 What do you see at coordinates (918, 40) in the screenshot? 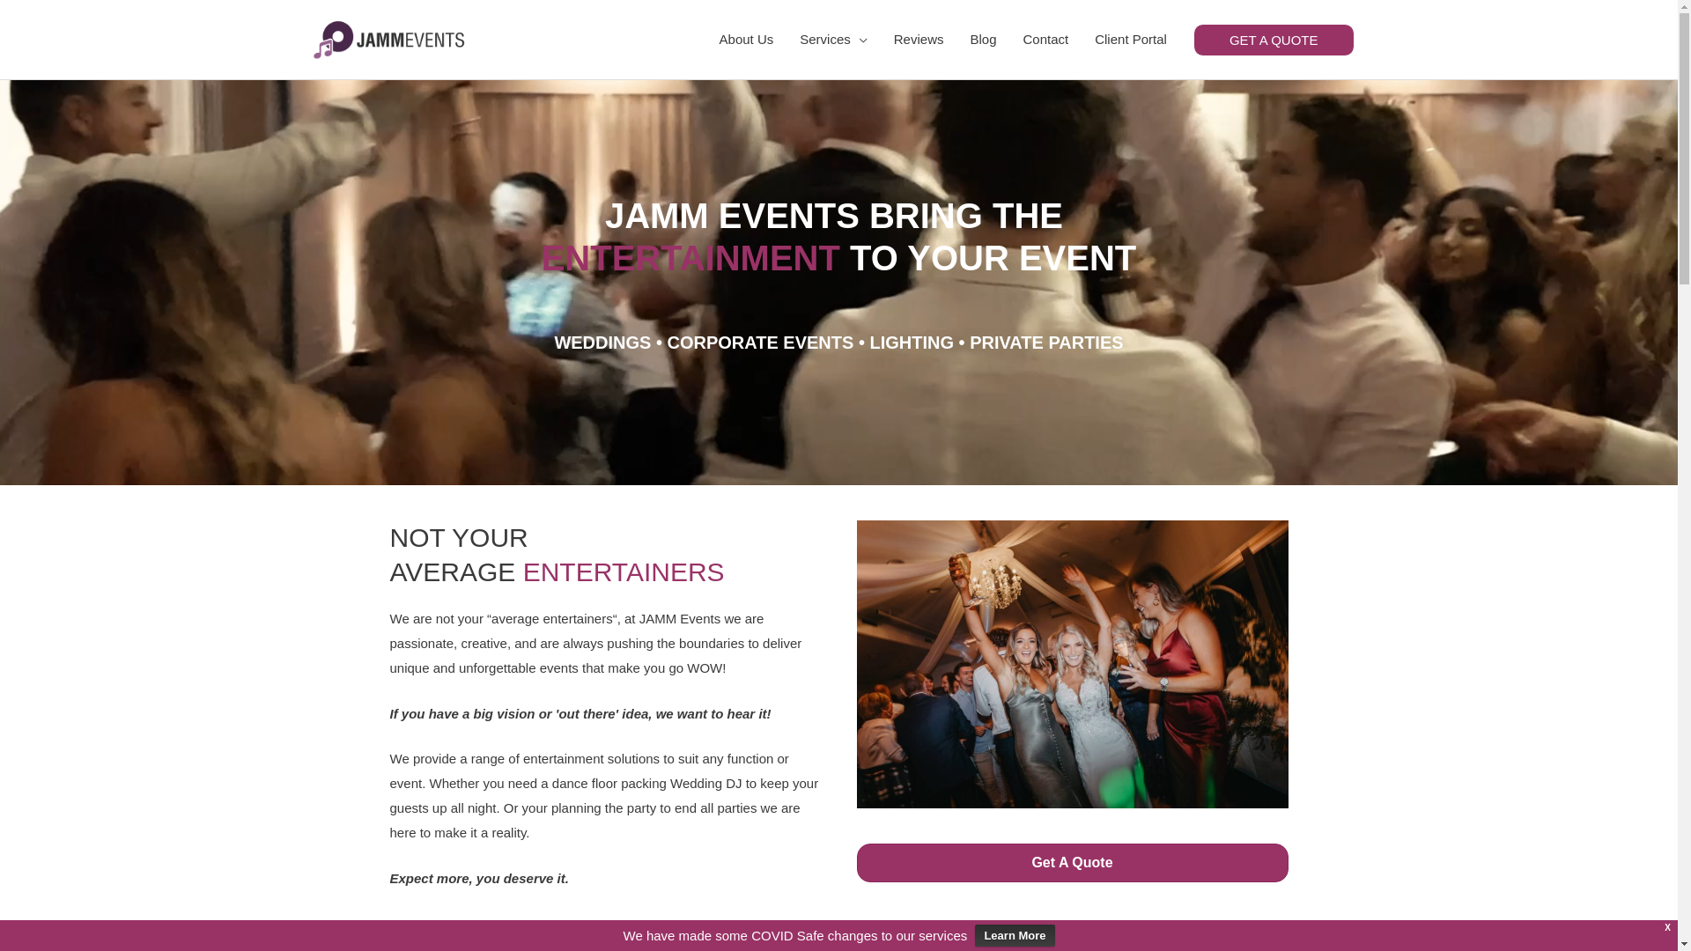
I see `'Reviews'` at bounding box center [918, 40].